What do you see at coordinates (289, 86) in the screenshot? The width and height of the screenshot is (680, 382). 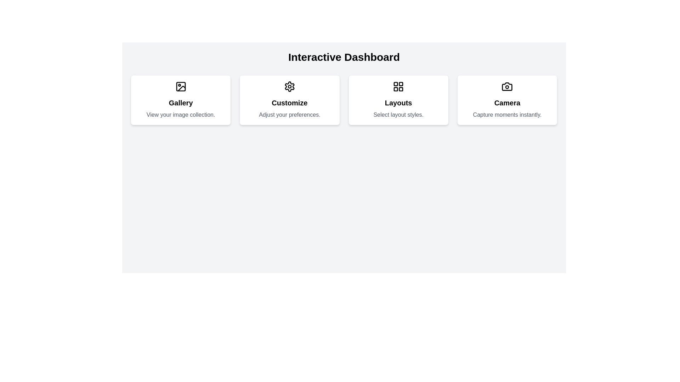 I see `the cogwheel-shaped icon representing settings functionality, located in the 'Customize' section above the text 'Customize' and 'Adjust your preferences.'` at bounding box center [289, 86].